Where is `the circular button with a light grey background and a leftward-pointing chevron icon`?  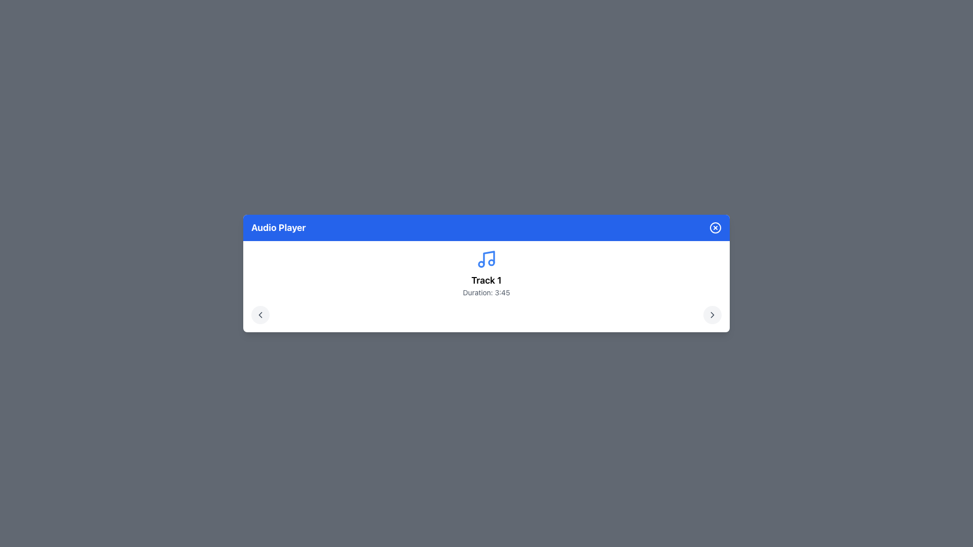
the circular button with a light grey background and a leftward-pointing chevron icon is located at coordinates (260, 314).